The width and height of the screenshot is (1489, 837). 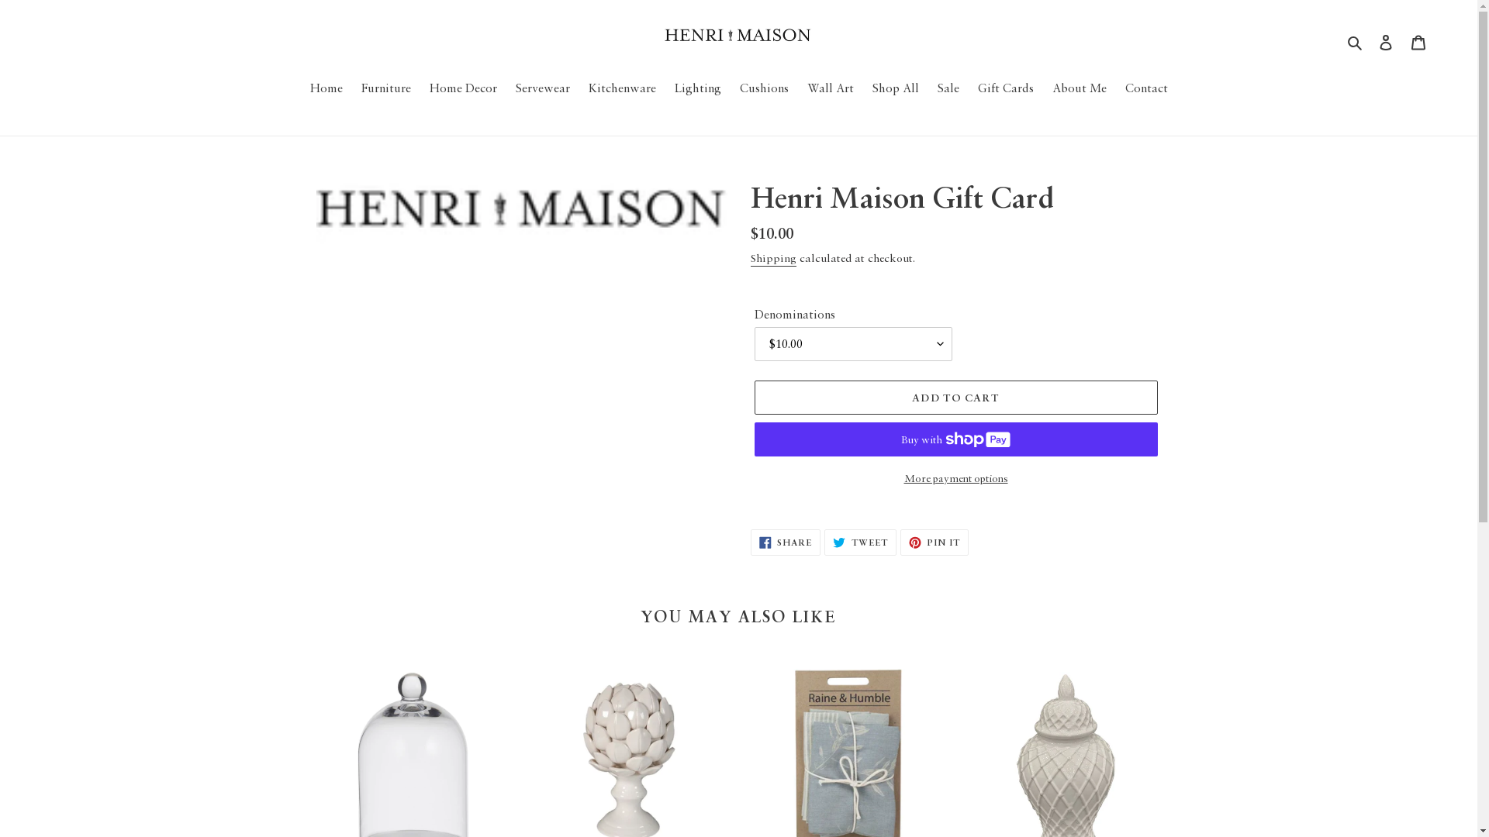 What do you see at coordinates (353, 88) in the screenshot?
I see `'Furniture'` at bounding box center [353, 88].